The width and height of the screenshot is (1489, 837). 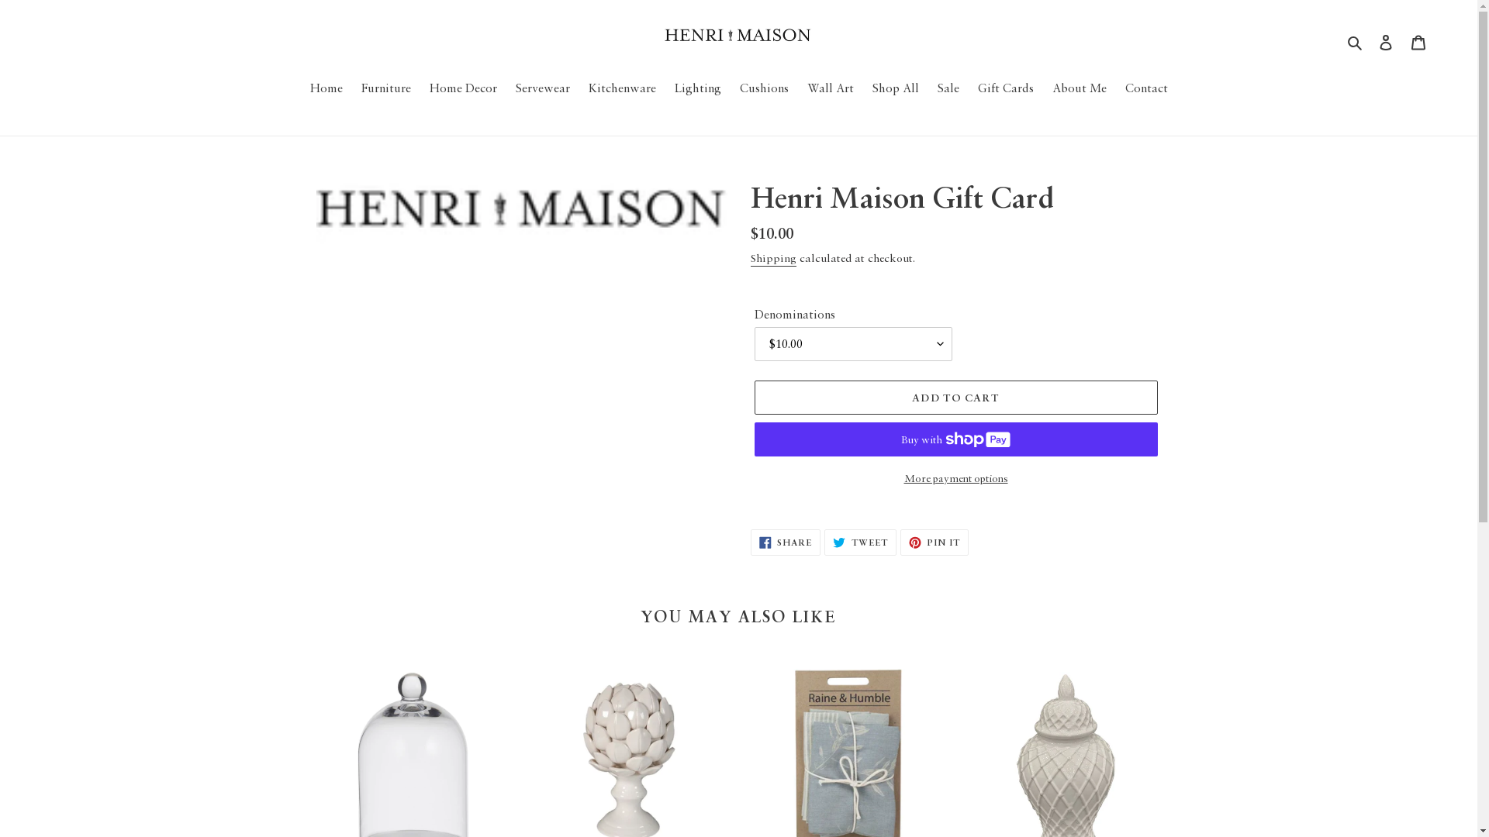 What do you see at coordinates (353, 88) in the screenshot?
I see `'Furniture'` at bounding box center [353, 88].